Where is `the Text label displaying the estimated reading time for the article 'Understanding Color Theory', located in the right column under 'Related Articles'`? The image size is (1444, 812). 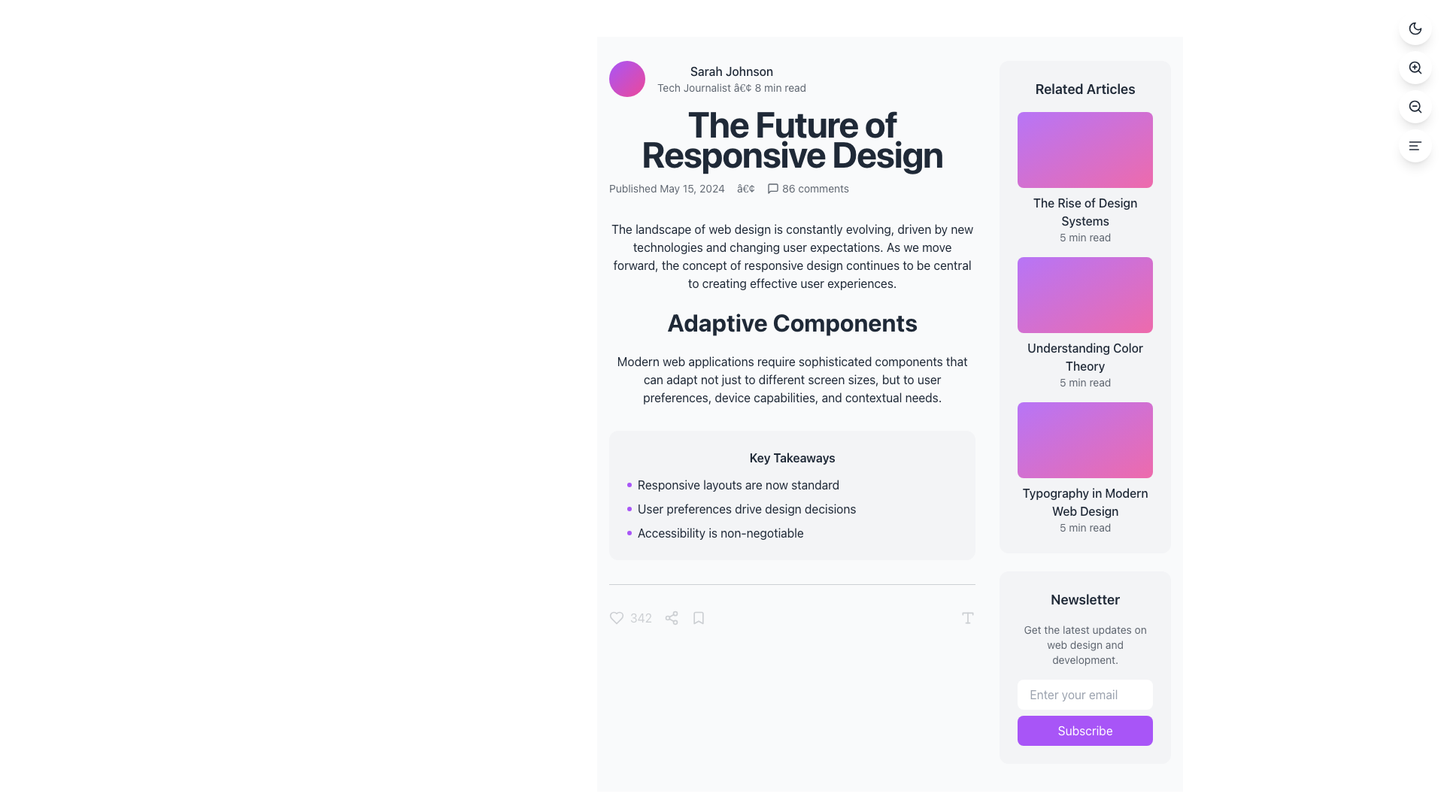
the Text label displaying the estimated reading time for the article 'Understanding Color Theory', located in the right column under 'Related Articles' is located at coordinates (1085, 382).